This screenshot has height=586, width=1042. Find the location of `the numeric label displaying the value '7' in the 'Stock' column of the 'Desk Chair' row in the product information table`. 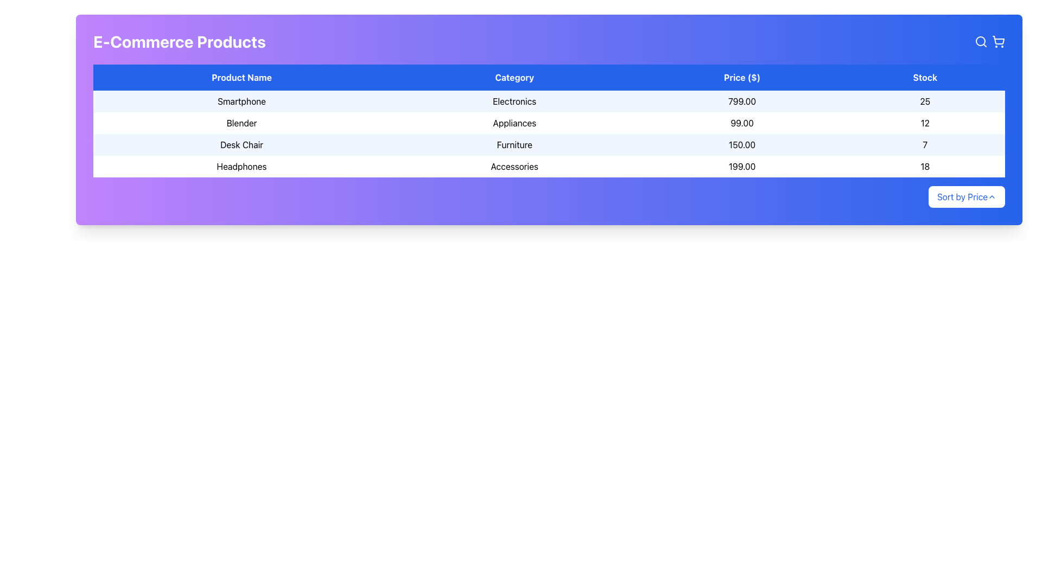

the numeric label displaying the value '7' in the 'Stock' column of the 'Desk Chair' row in the product information table is located at coordinates (924, 144).